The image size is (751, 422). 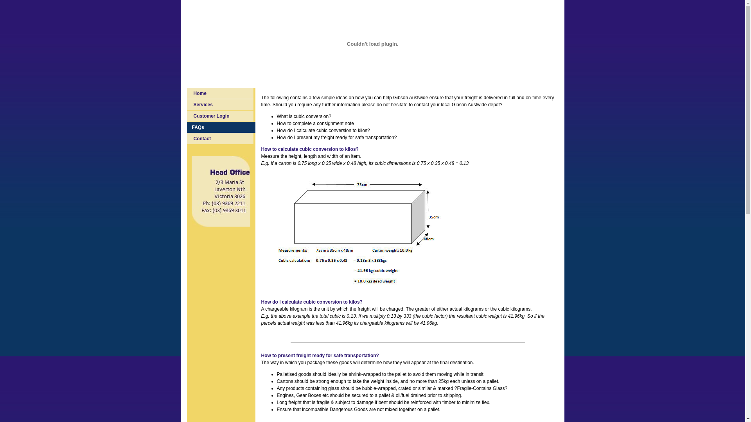 I want to click on 'FAQs', so click(x=221, y=127).